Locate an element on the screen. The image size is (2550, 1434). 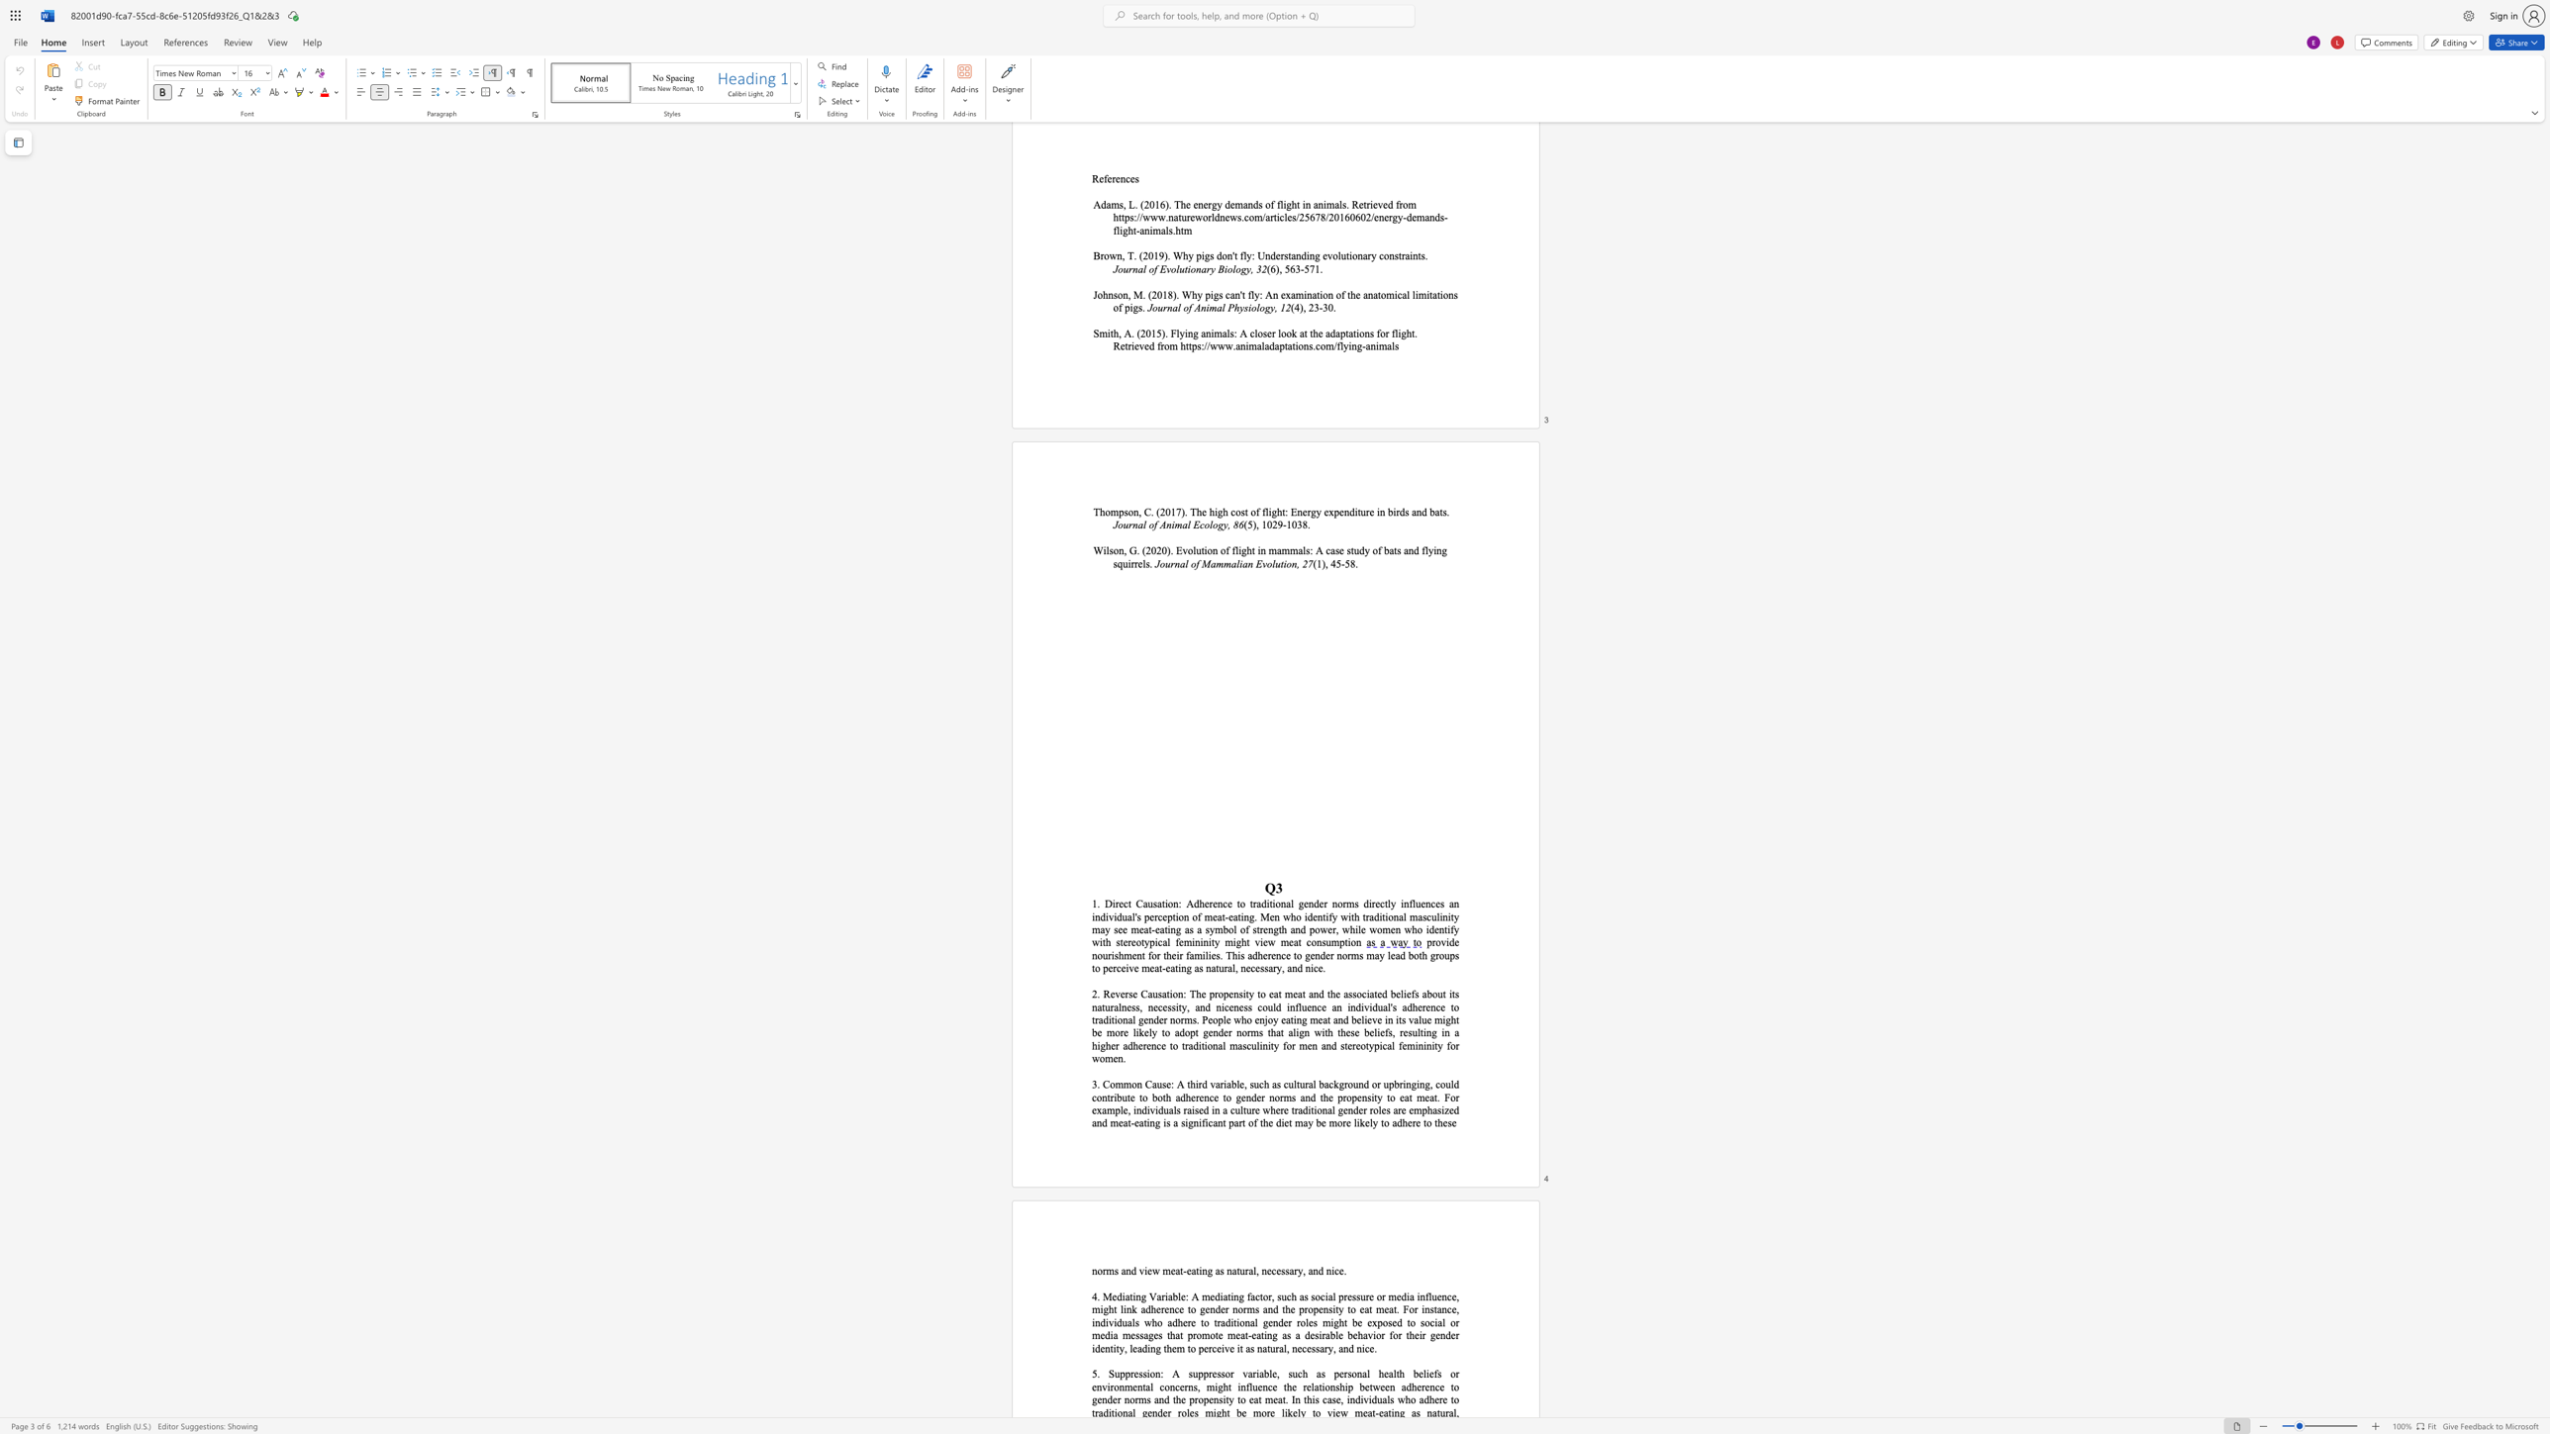
the subset text "ulting in a higher adherence to trad" within the text "orms. People who enjoy eating meat and believe in its value might be more likely to adopt gender norms that align with these beliefs, resulting in a higher adherence to traditional masculinity for men and stereotypical femininity for women." is located at coordinates (1412, 1031).